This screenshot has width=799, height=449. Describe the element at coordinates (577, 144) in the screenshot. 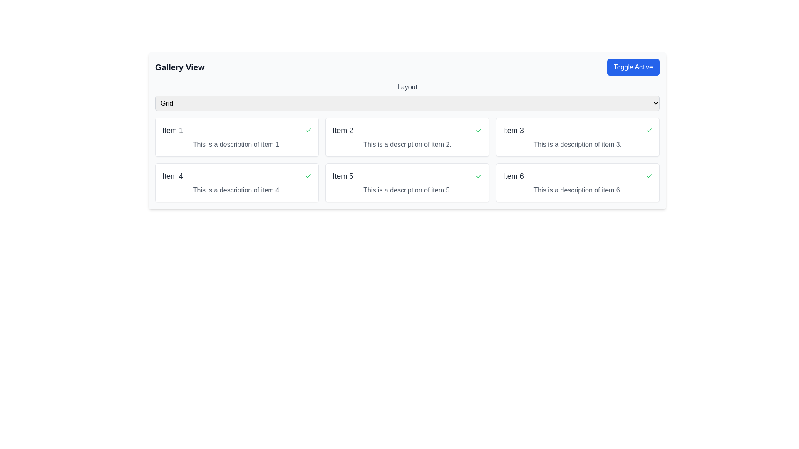

I see `the static text reading 'This is a description of item 3.' which is styled in gray font and located beneath the title 'Item 3' in the third card of a grid layout` at that location.